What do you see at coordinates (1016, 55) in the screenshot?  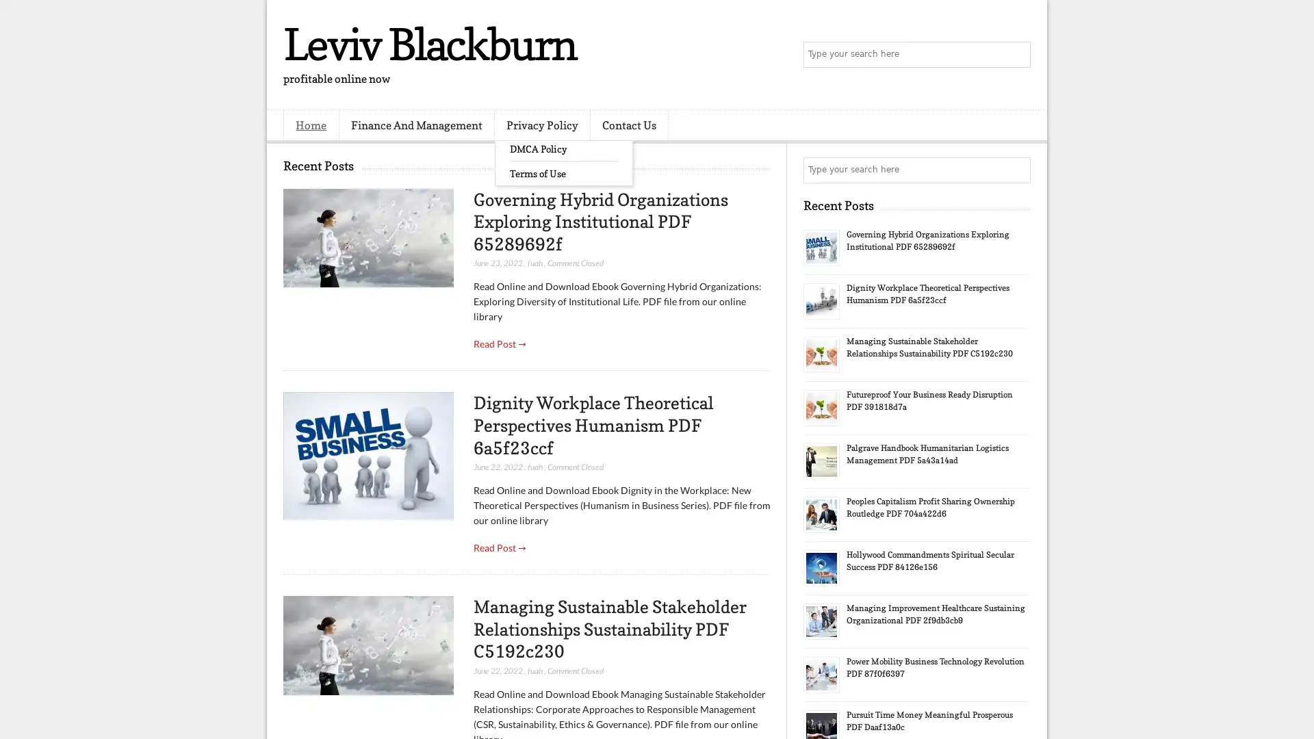 I see `Search` at bounding box center [1016, 55].